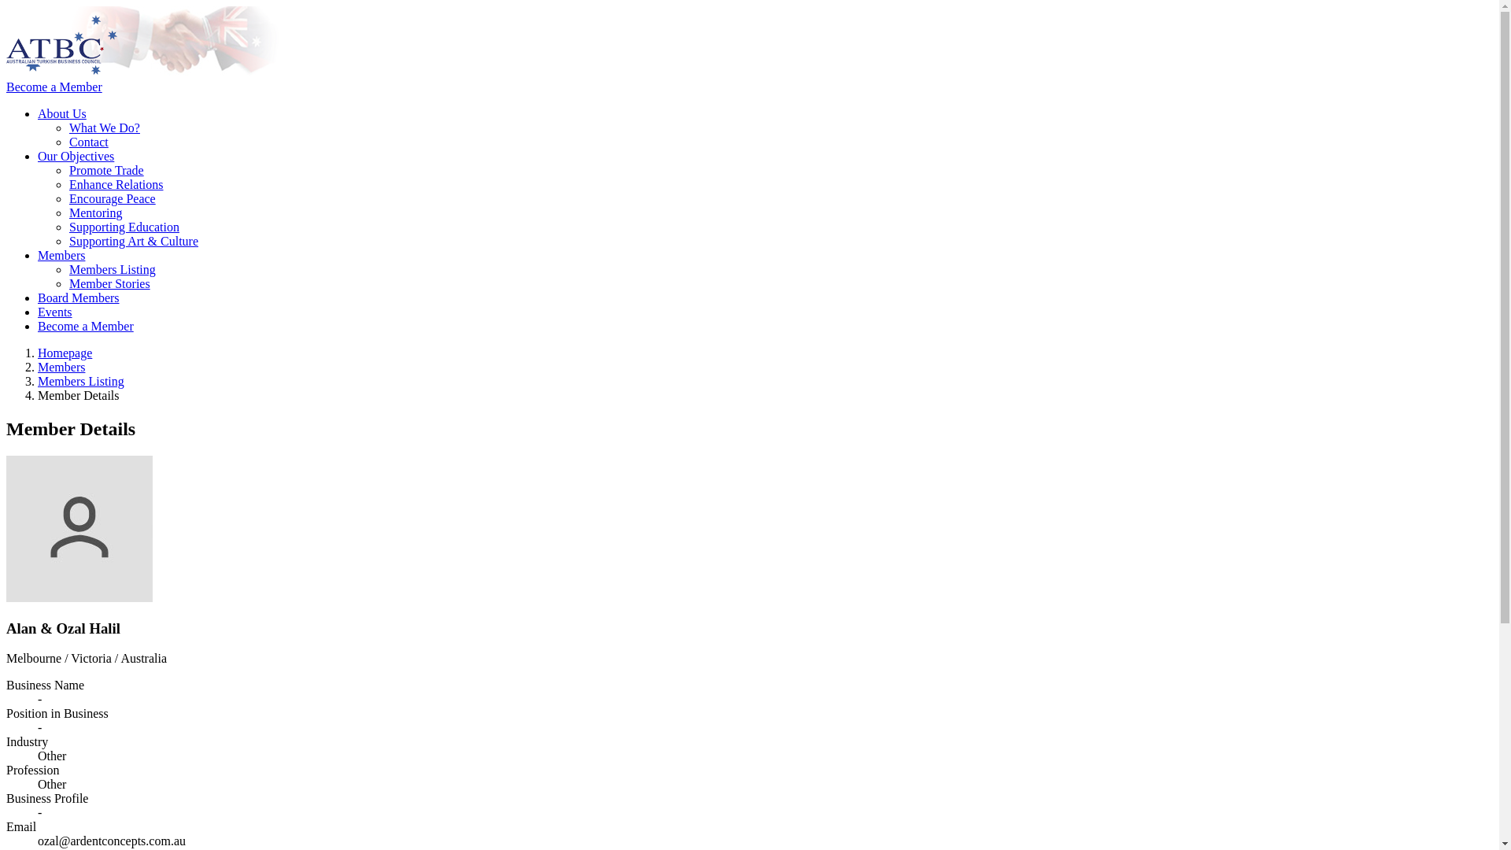 The height and width of the screenshot is (850, 1511). I want to click on 'Members', so click(61, 367).